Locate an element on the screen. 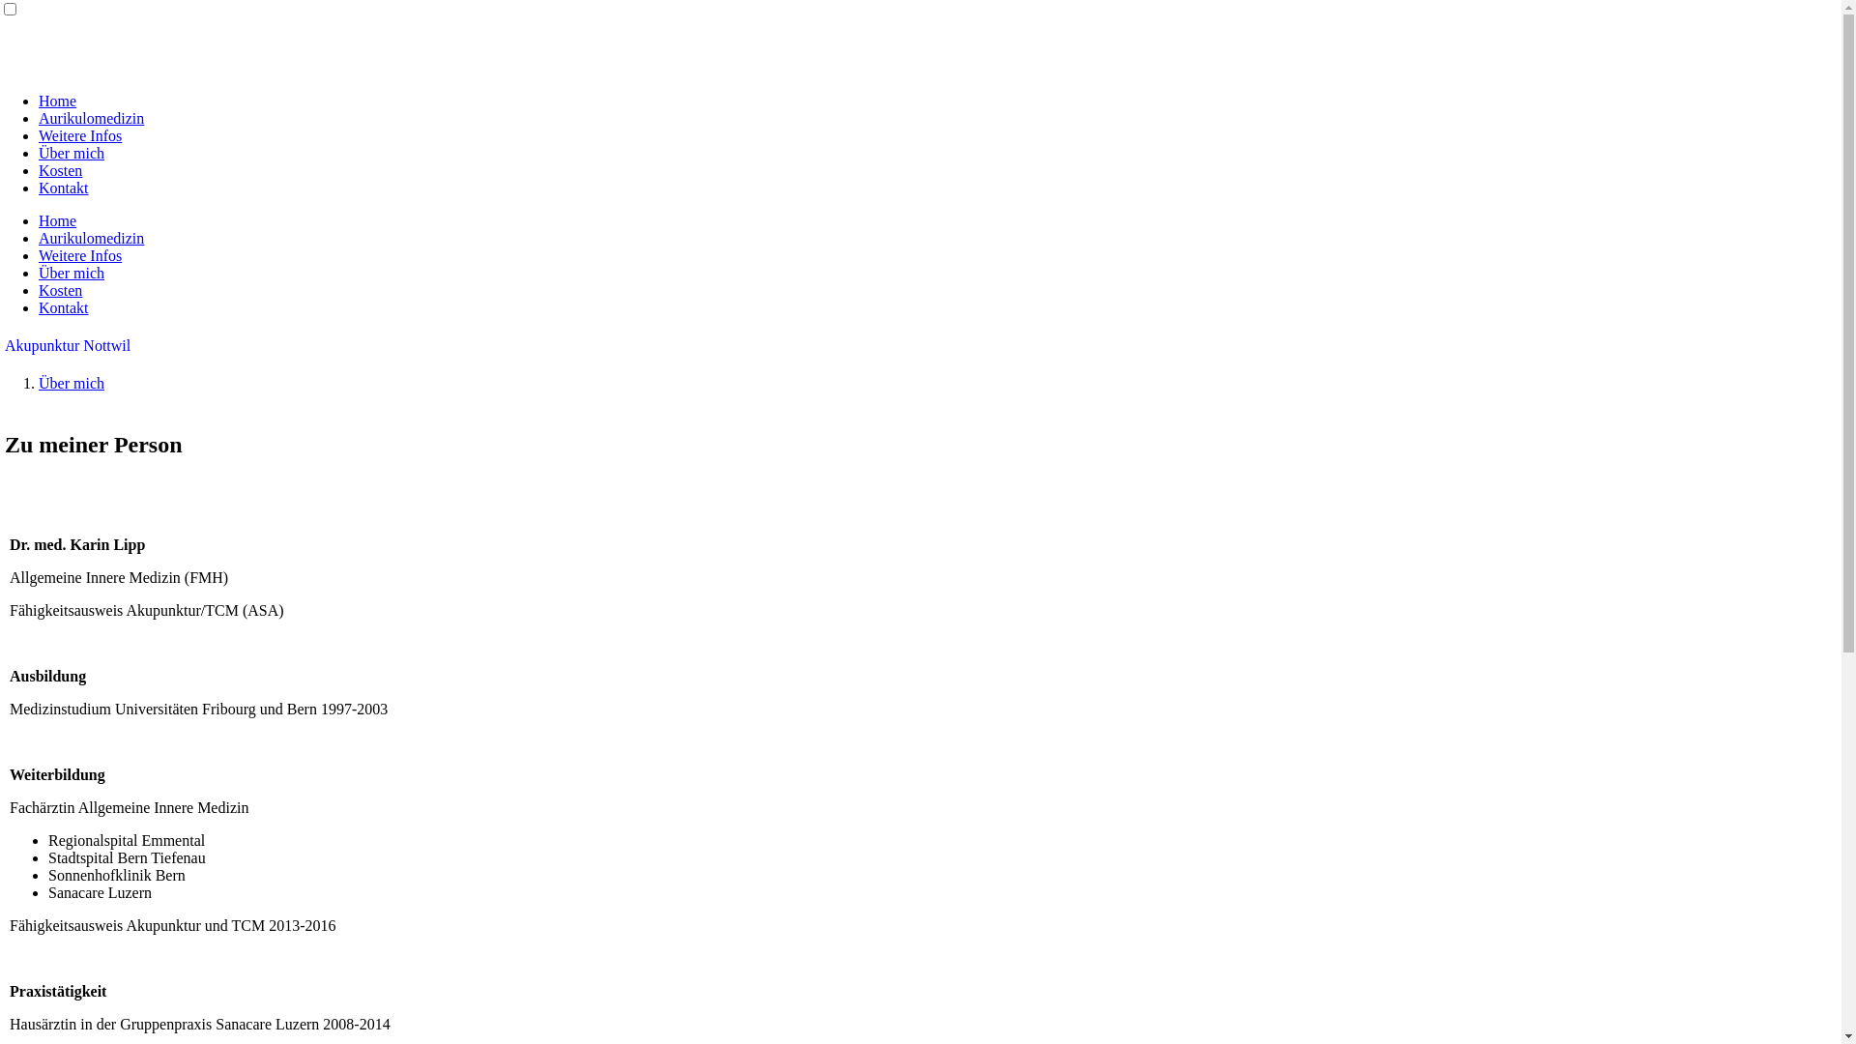 Image resolution: width=1856 pixels, height=1044 pixels. 'Aurikulomedizin' is located at coordinates (90, 237).